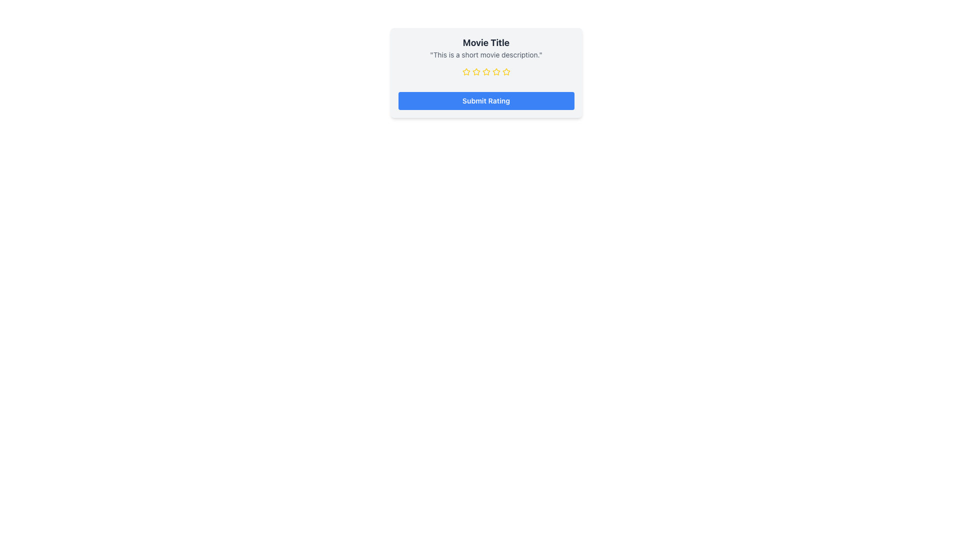  Describe the element at coordinates (486, 55) in the screenshot. I see `the text content that provides a brief description of a movie, positioned directly below the 'Movie Title' heading` at that location.